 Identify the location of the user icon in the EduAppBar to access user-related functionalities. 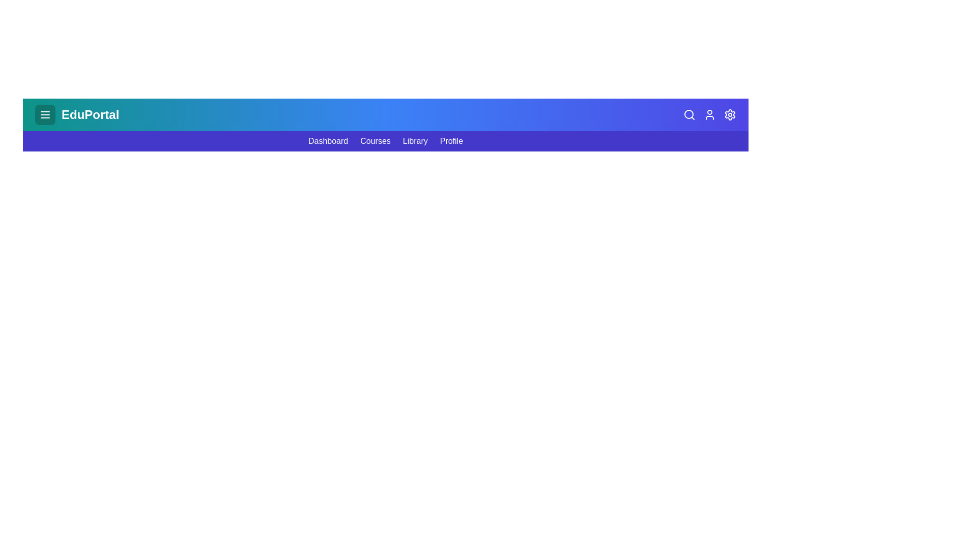
(709, 114).